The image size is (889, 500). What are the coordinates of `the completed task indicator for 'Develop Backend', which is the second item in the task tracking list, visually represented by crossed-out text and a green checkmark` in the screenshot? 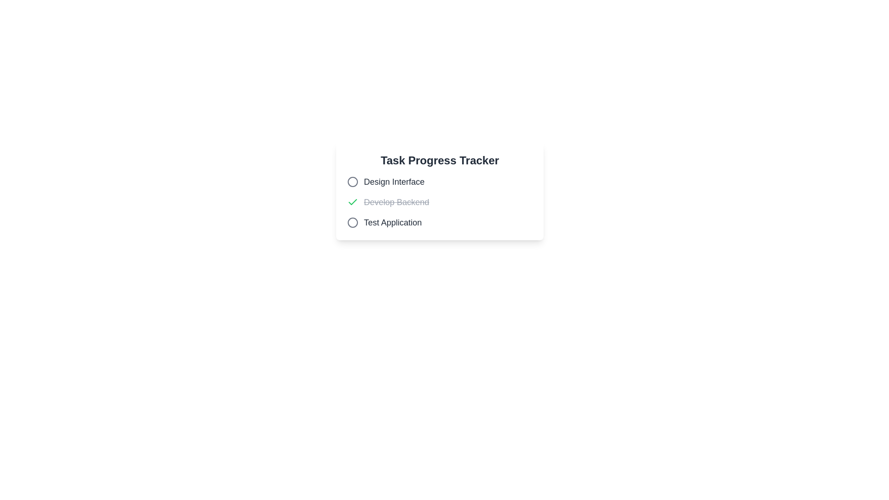 It's located at (388, 201).